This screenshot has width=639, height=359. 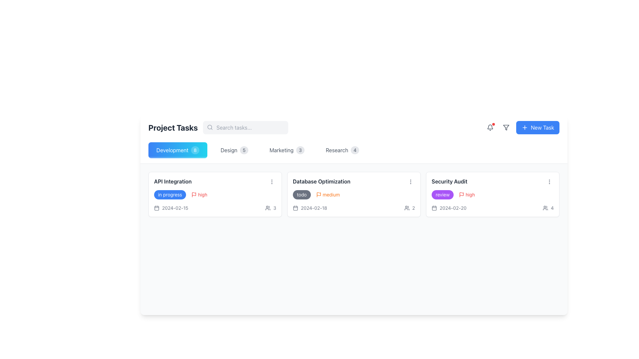 What do you see at coordinates (175, 207) in the screenshot?
I see `the text label displaying the specific date located in the lower section of the 'API Integration' task card under 'Development', positioned to the right of the calendar icon` at bounding box center [175, 207].